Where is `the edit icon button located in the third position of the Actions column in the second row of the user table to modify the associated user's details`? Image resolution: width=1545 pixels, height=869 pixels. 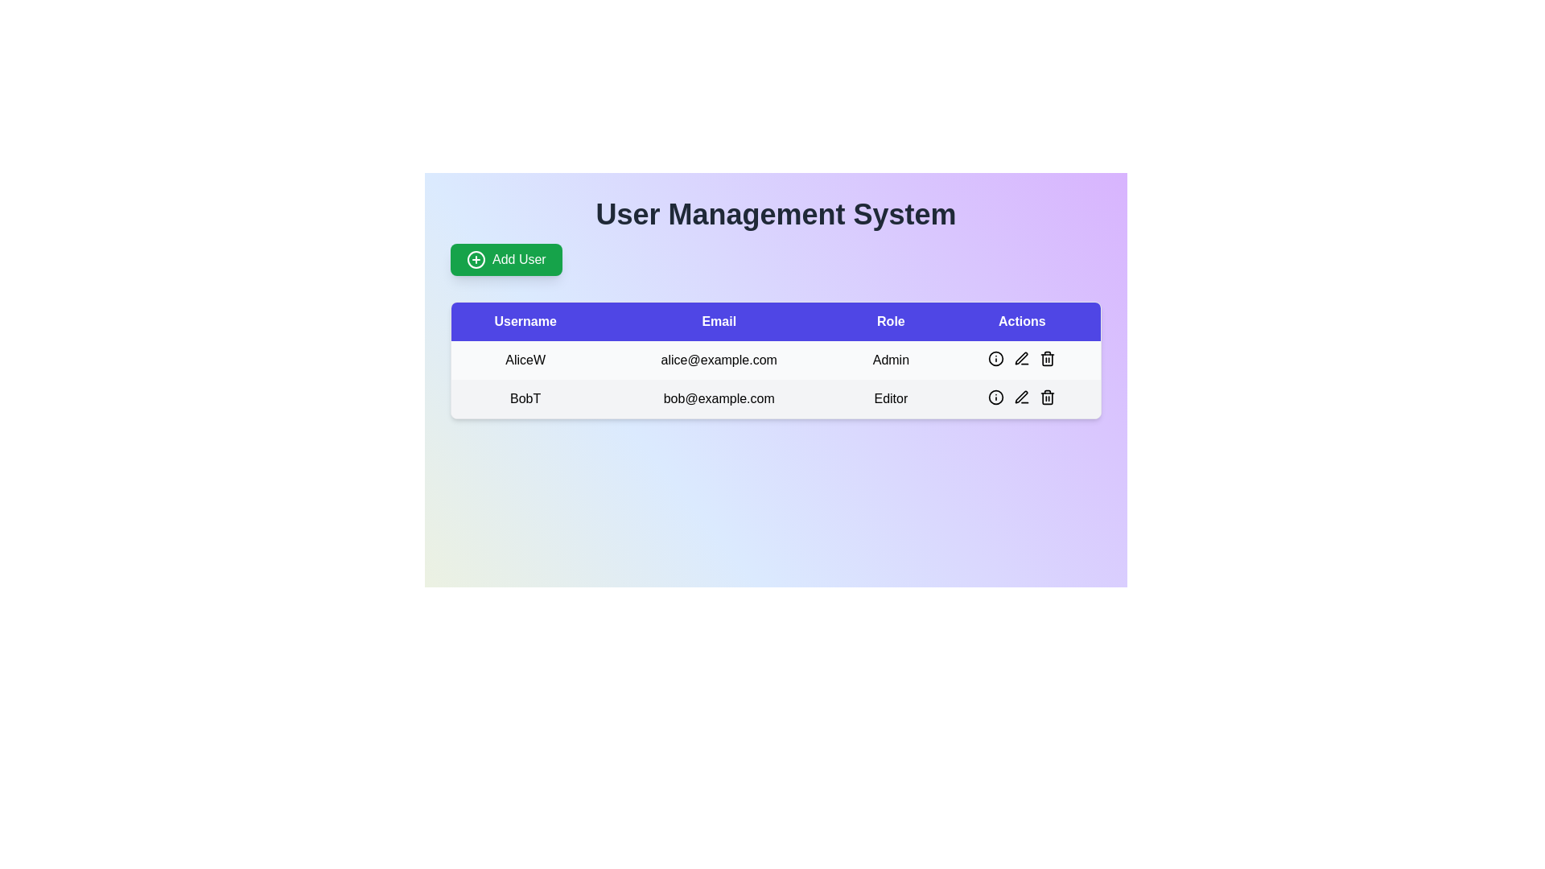 the edit icon button located in the third position of the Actions column in the second row of the user table to modify the associated user's details is located at coordinates (1021, 397).